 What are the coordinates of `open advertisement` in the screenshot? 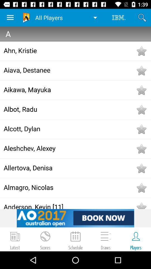 It's located at (75, 218).